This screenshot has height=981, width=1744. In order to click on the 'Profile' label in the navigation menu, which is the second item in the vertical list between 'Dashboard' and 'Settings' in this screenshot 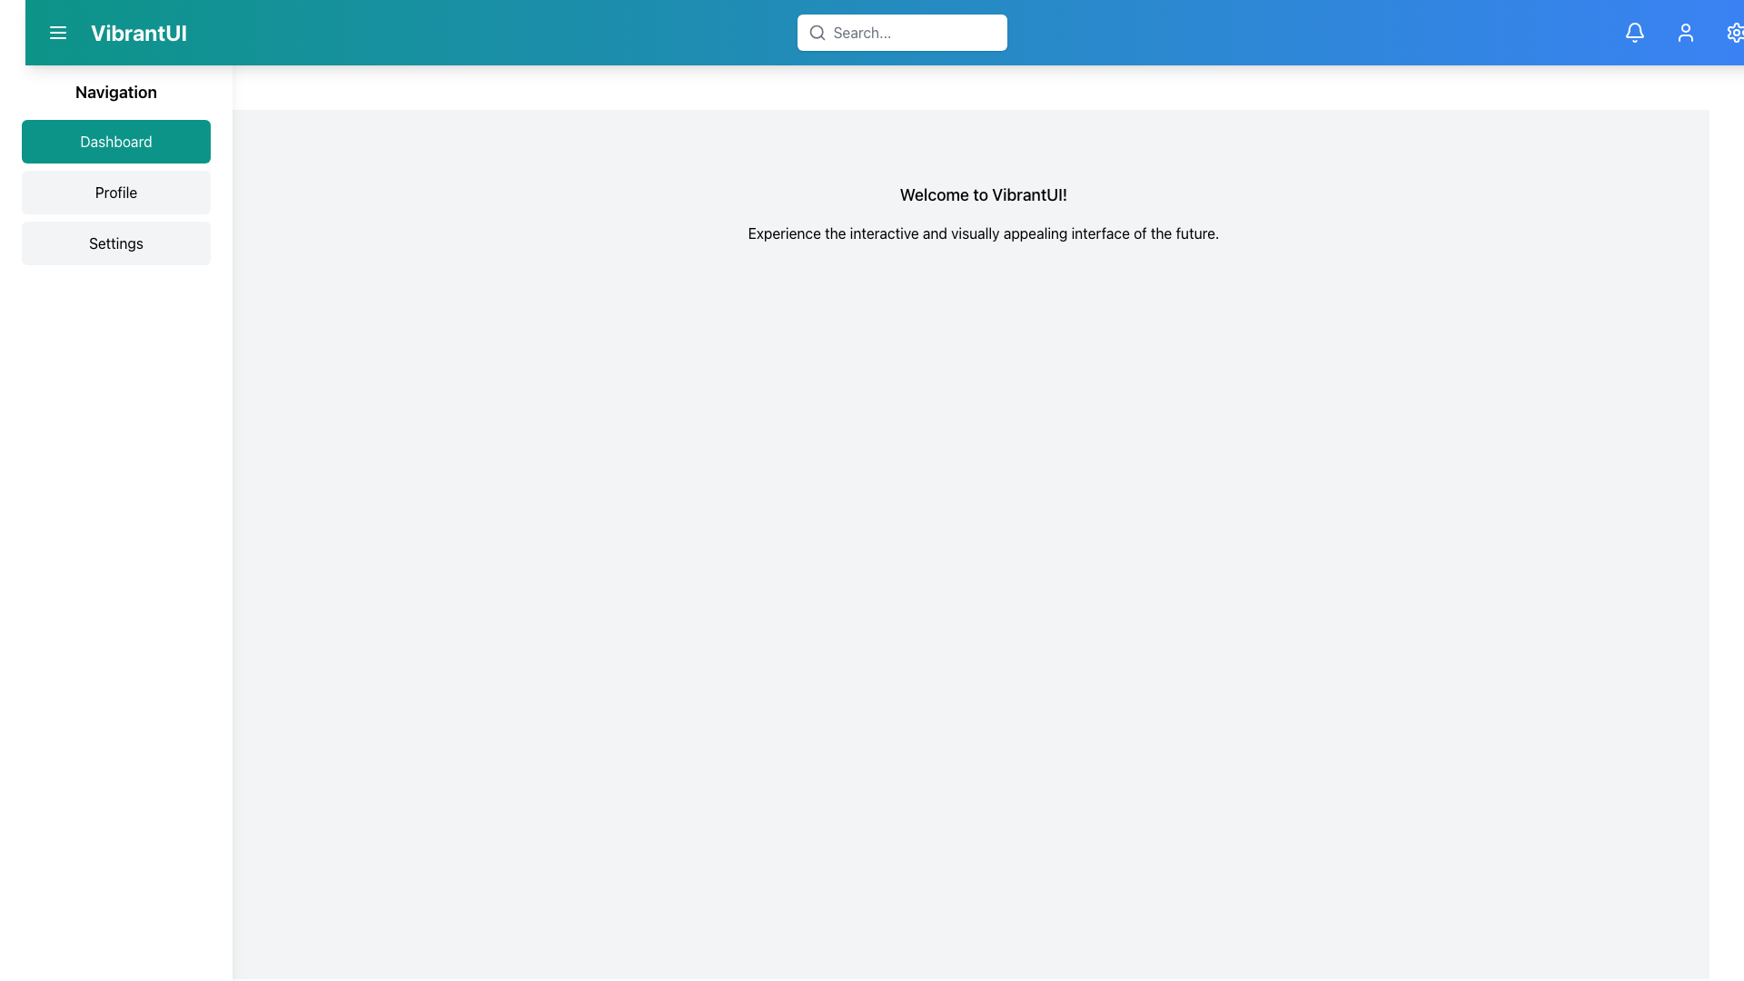, I will do `click(115, 193)`.